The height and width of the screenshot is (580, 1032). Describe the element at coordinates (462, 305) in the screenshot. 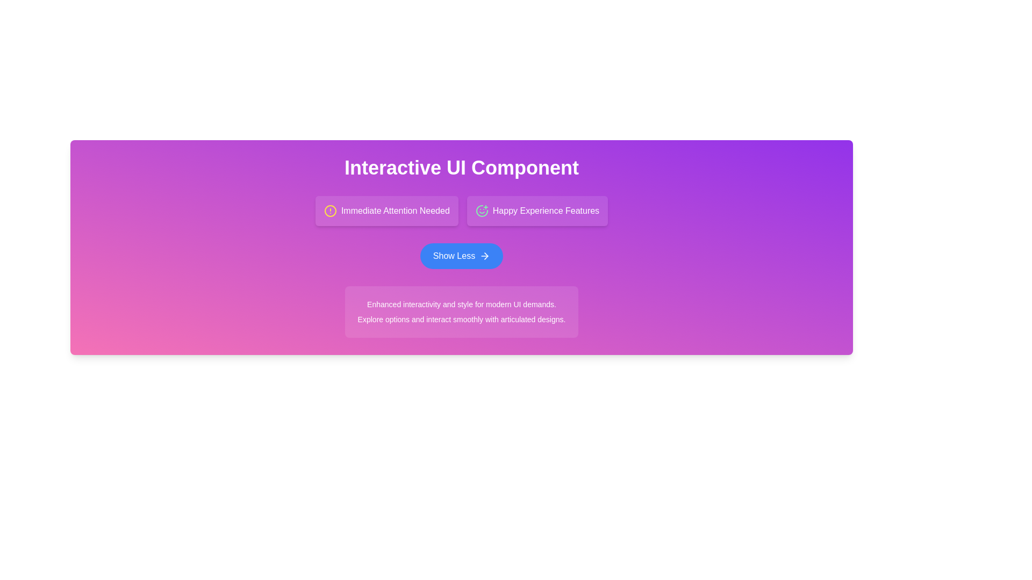

I see `descriptive text element located below the 'Show Less' section, which summarizes a key feature regarding UI interactivity and style` at that location.